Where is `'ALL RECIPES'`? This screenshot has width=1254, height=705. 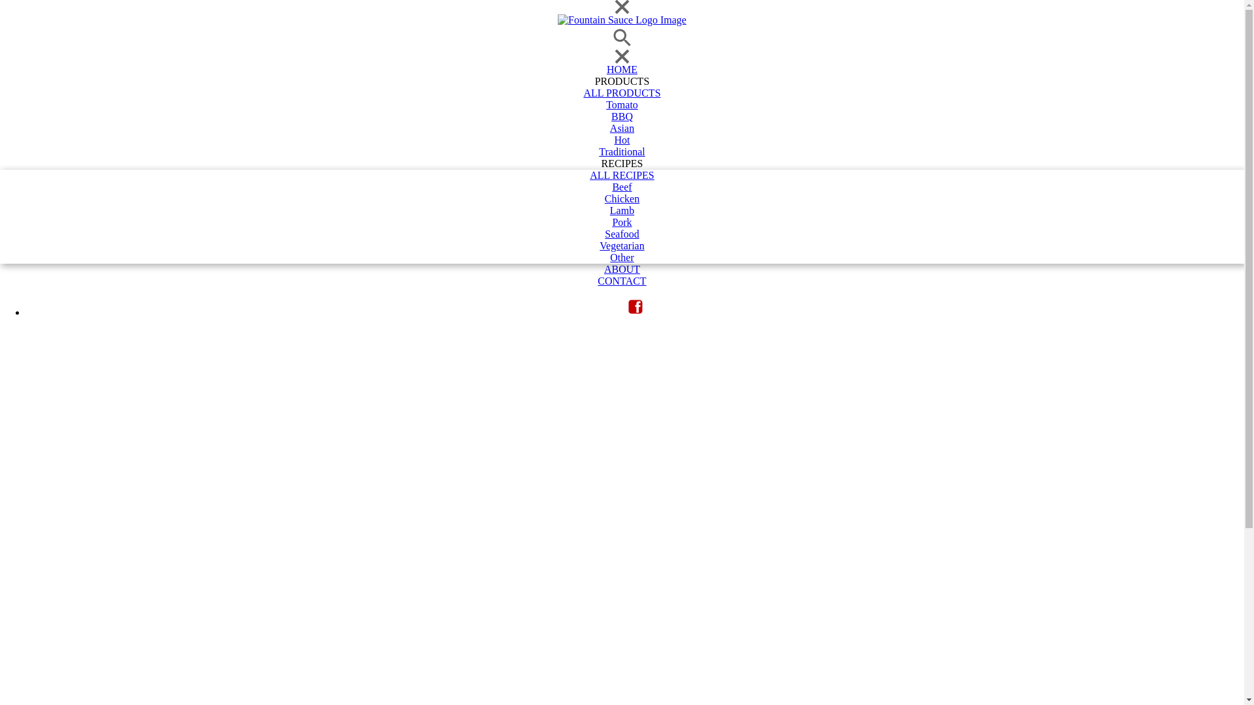 'ALL RECIPES' is located at coordinates (621, 175).